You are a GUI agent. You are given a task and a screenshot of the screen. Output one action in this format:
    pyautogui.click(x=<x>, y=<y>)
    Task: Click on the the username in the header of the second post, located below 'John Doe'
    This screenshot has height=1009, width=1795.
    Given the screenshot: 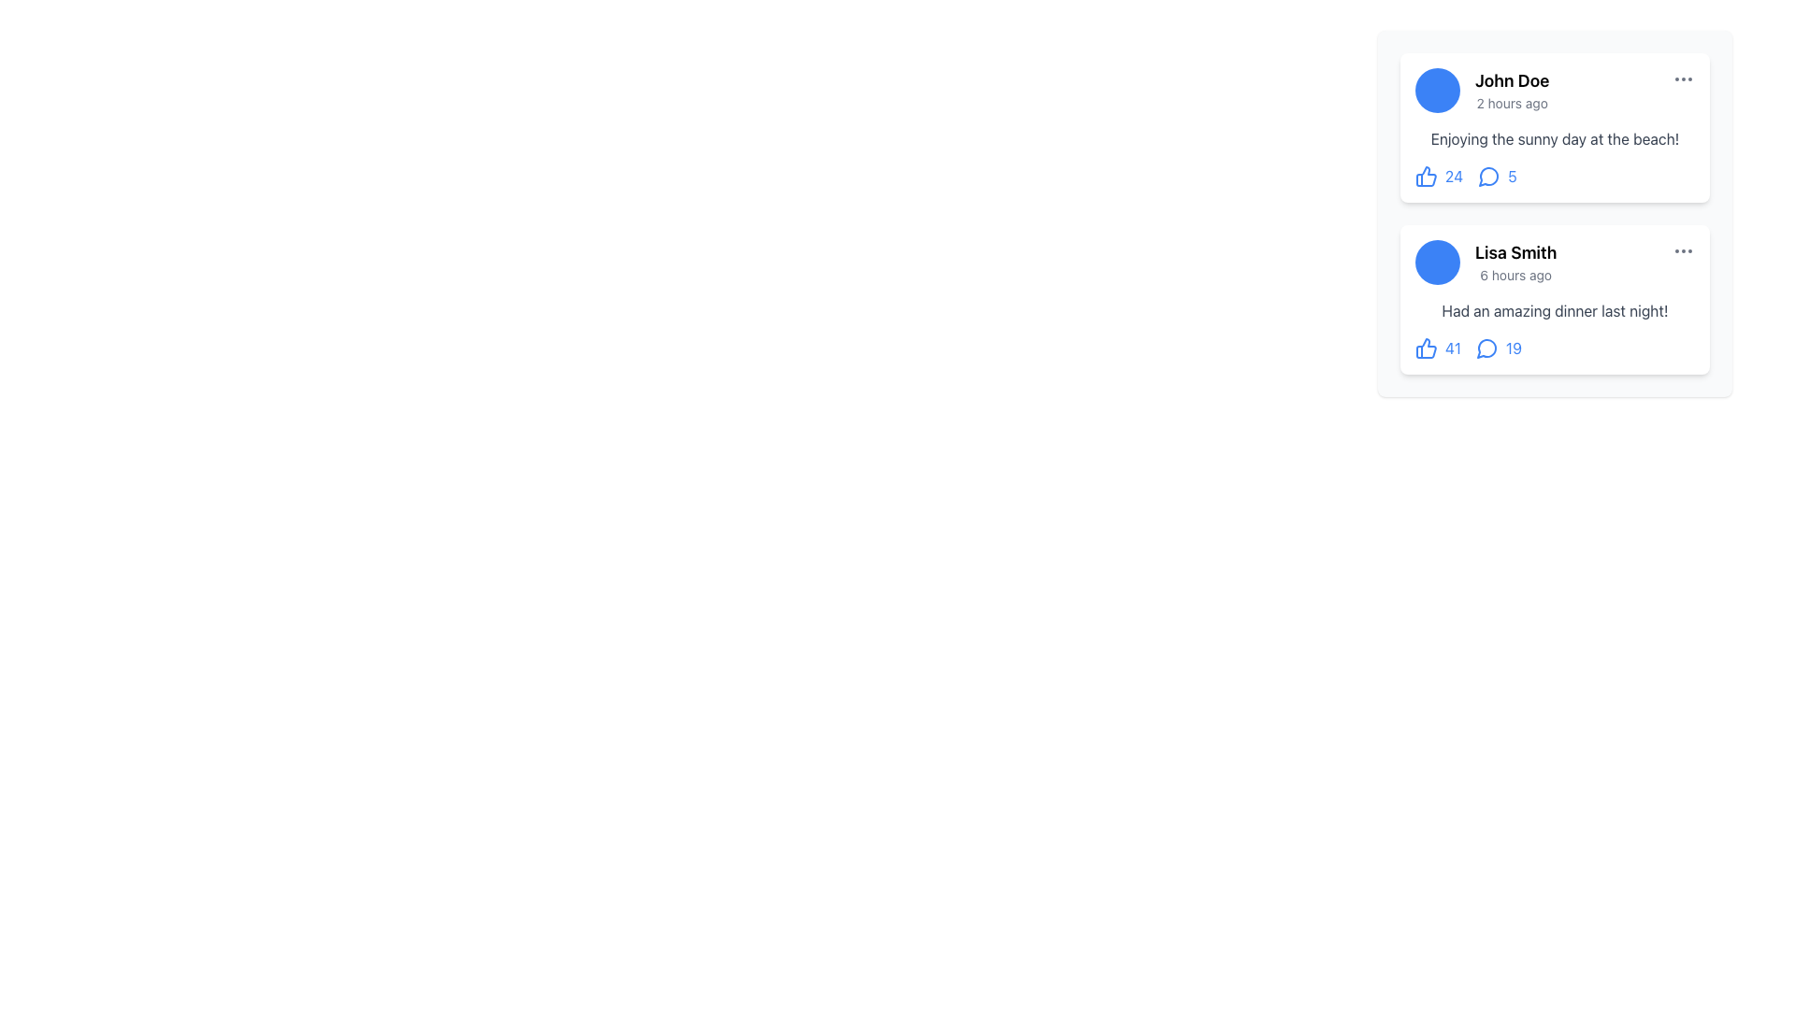 What is the action you would take?
    pyautogui.click(x=1555, y=263)
    